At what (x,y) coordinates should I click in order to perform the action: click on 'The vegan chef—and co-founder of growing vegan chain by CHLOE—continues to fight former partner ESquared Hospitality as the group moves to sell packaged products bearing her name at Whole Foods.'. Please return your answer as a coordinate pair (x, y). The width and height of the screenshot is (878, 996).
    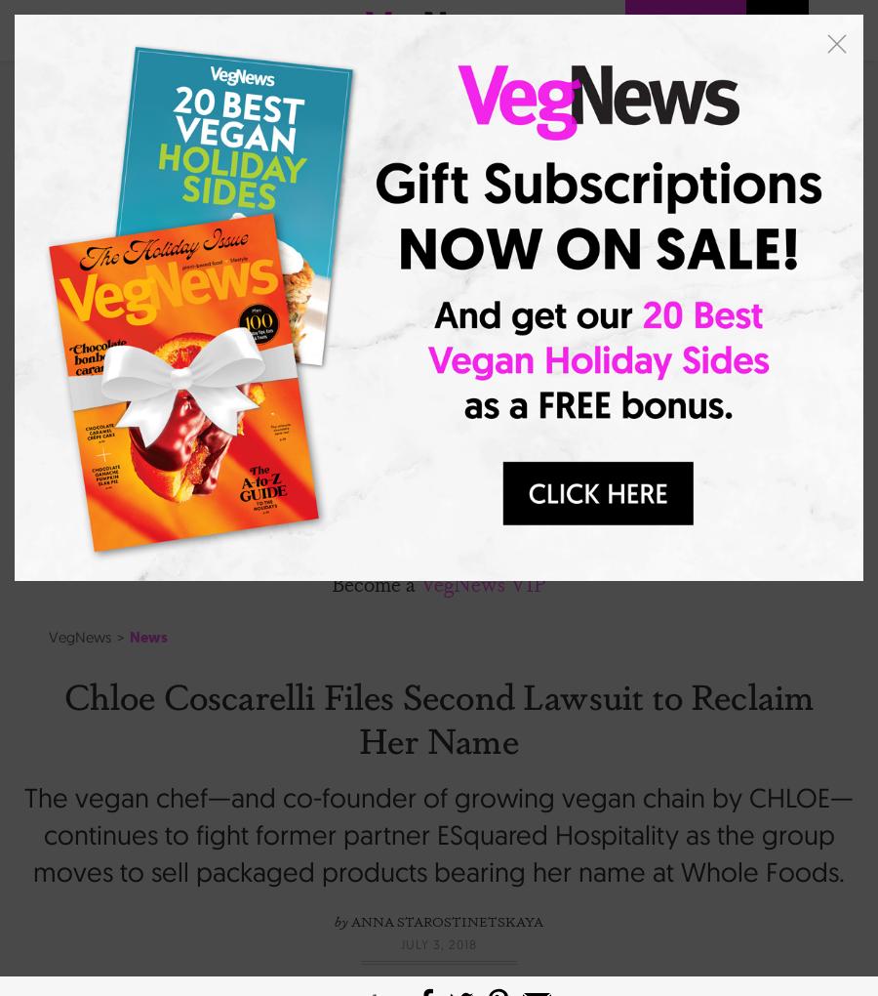
    Looking at the image, I should click on (439, 833).